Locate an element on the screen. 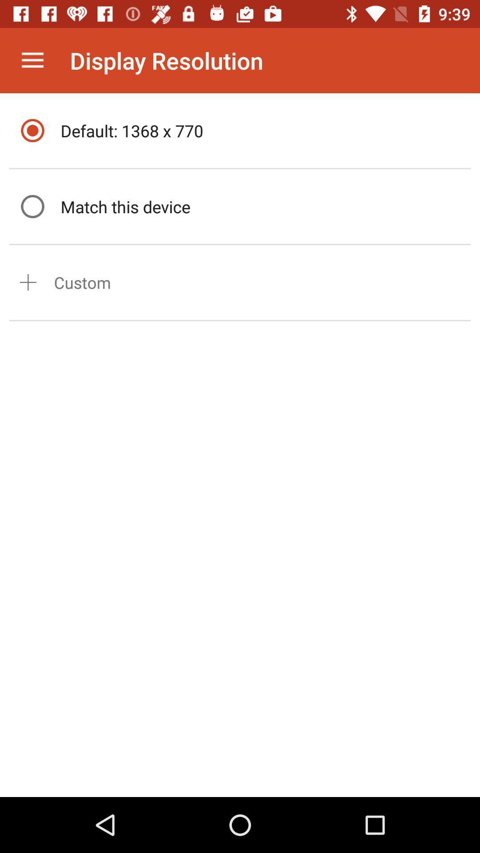  the item to the left of the display resolution is located at coordinates (32, 60).